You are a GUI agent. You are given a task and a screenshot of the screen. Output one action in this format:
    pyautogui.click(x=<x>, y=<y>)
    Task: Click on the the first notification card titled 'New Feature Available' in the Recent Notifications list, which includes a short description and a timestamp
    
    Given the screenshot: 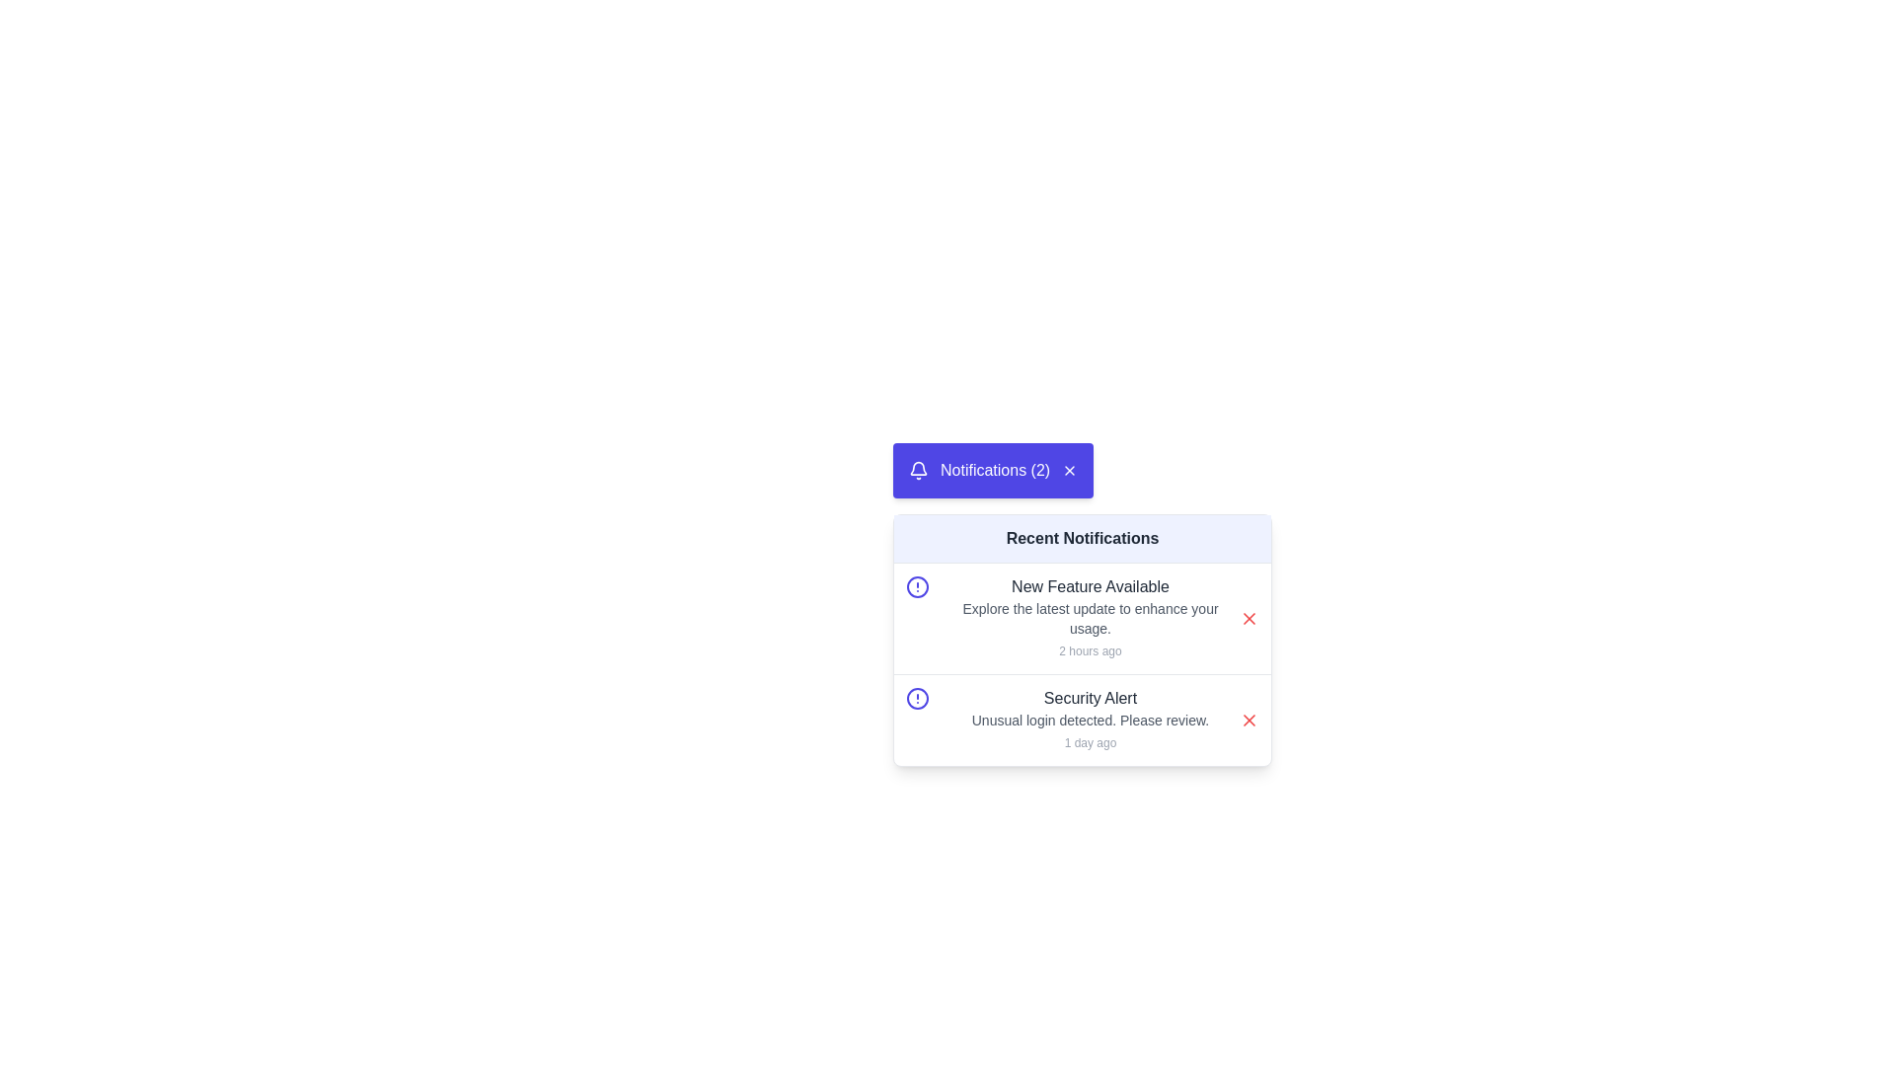 What is the action you would take?
    pyautogui.click(x=1082, y=618)
    